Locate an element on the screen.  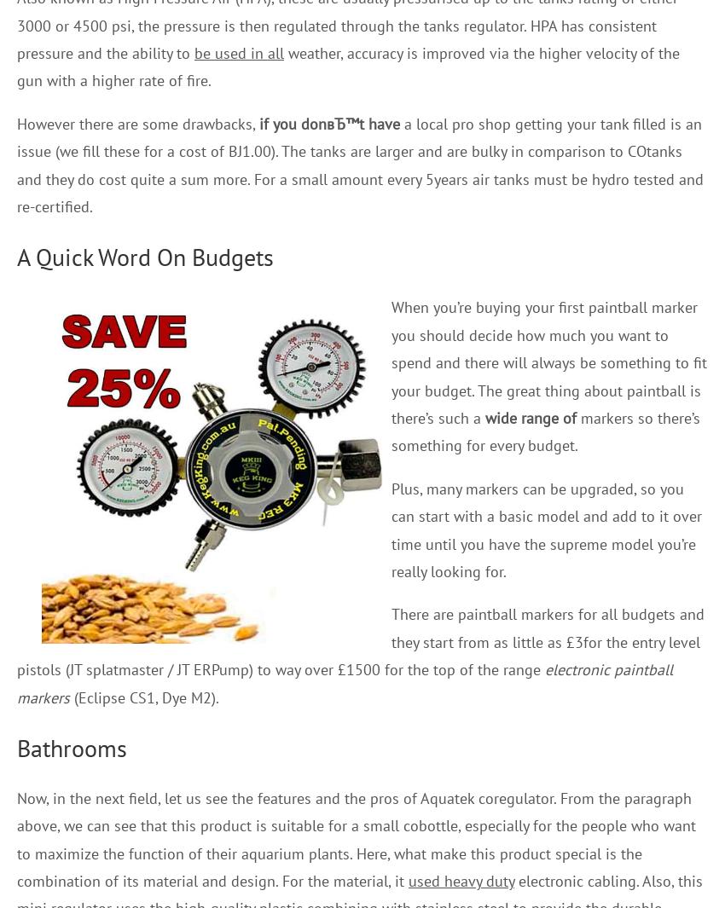
'Bathrooms' is located at coordinates (72, 747).